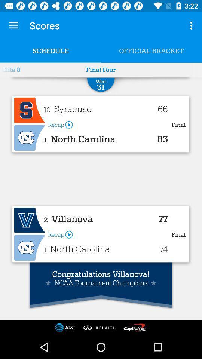  I want to click on three dots below time, so click(192, 25).